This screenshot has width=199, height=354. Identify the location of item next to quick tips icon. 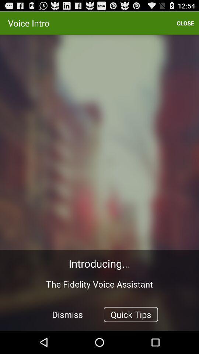
(67, 314).